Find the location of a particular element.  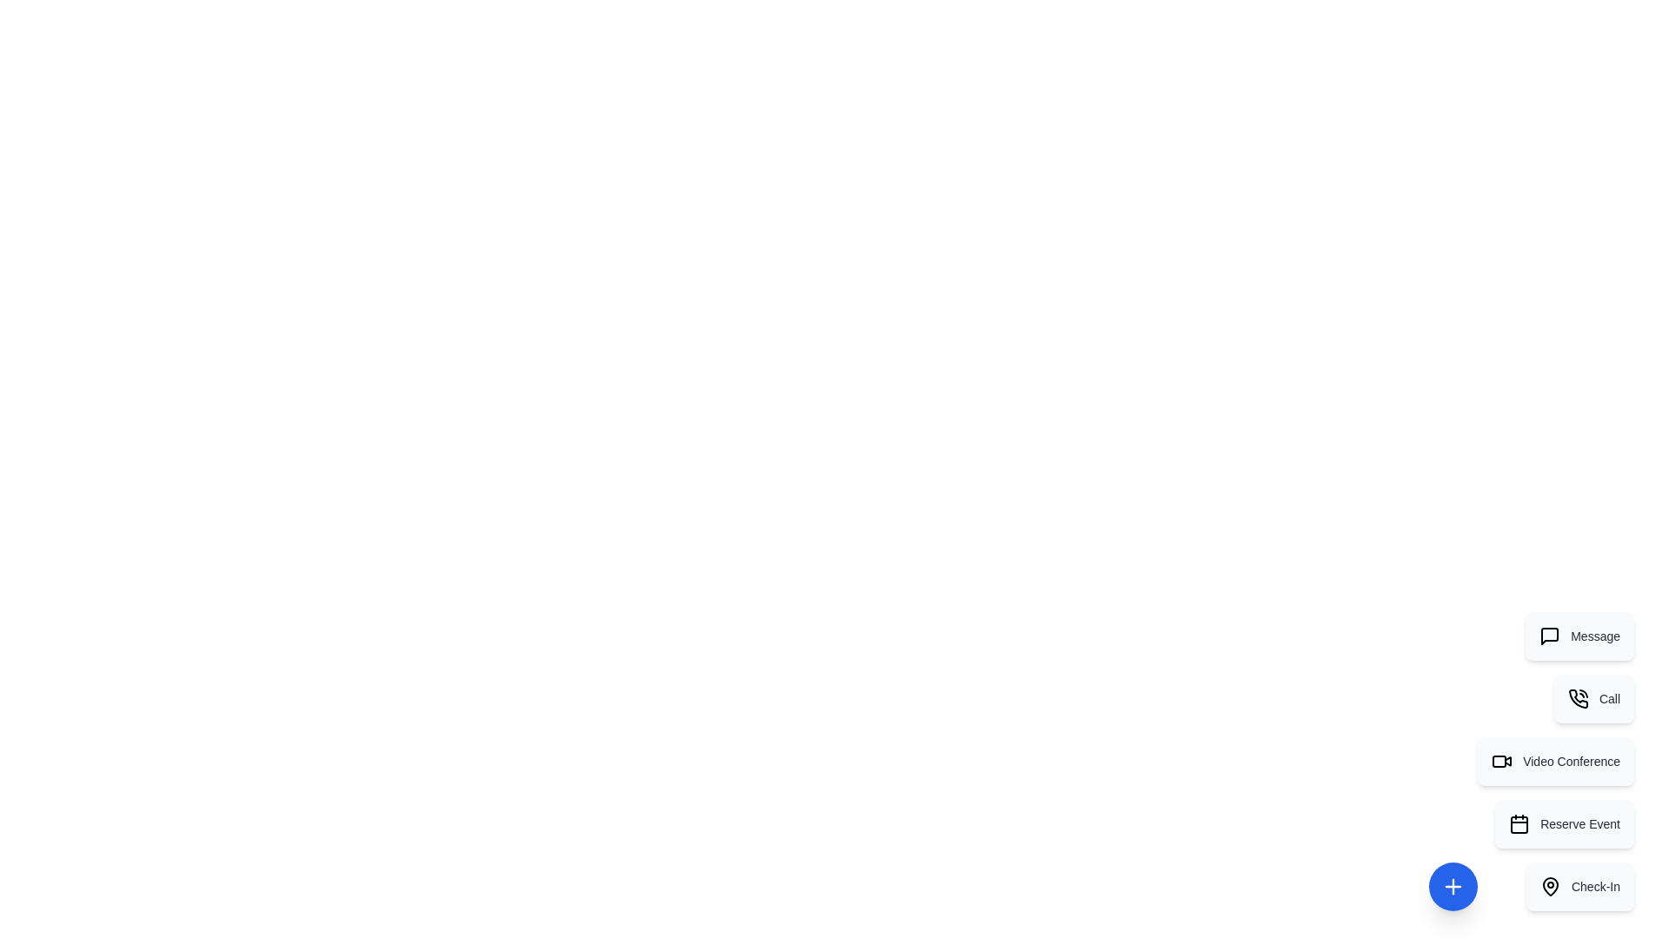

the action item labeled Check-In is located at coordinates (1580, 886).